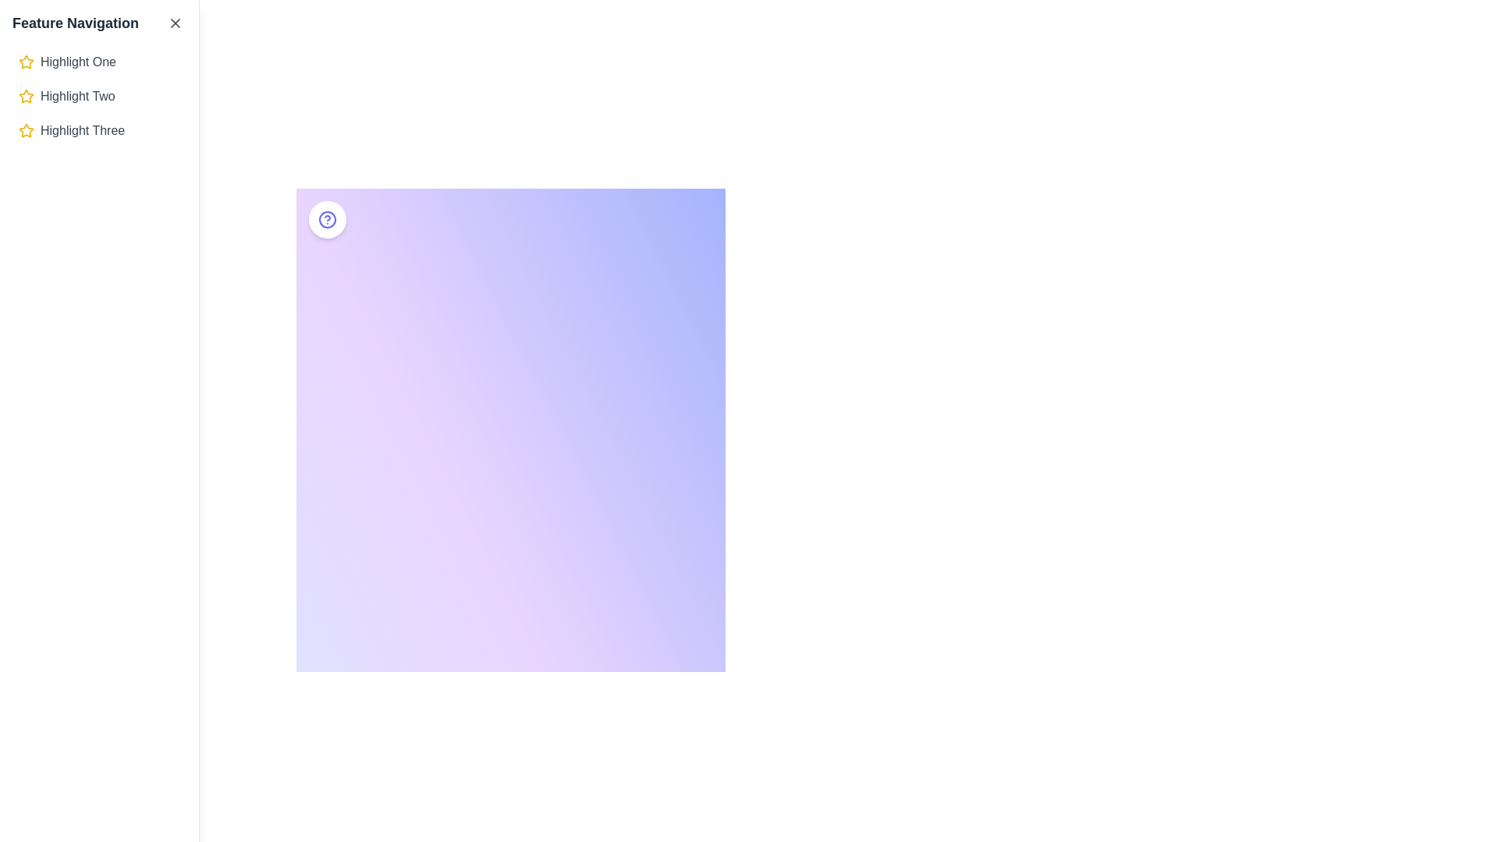  I want to click on the interactive list item labeled 'Highlight Three' with a star icon in the left-hand sidebar under 'Feature Navigation', so click(98, 130).